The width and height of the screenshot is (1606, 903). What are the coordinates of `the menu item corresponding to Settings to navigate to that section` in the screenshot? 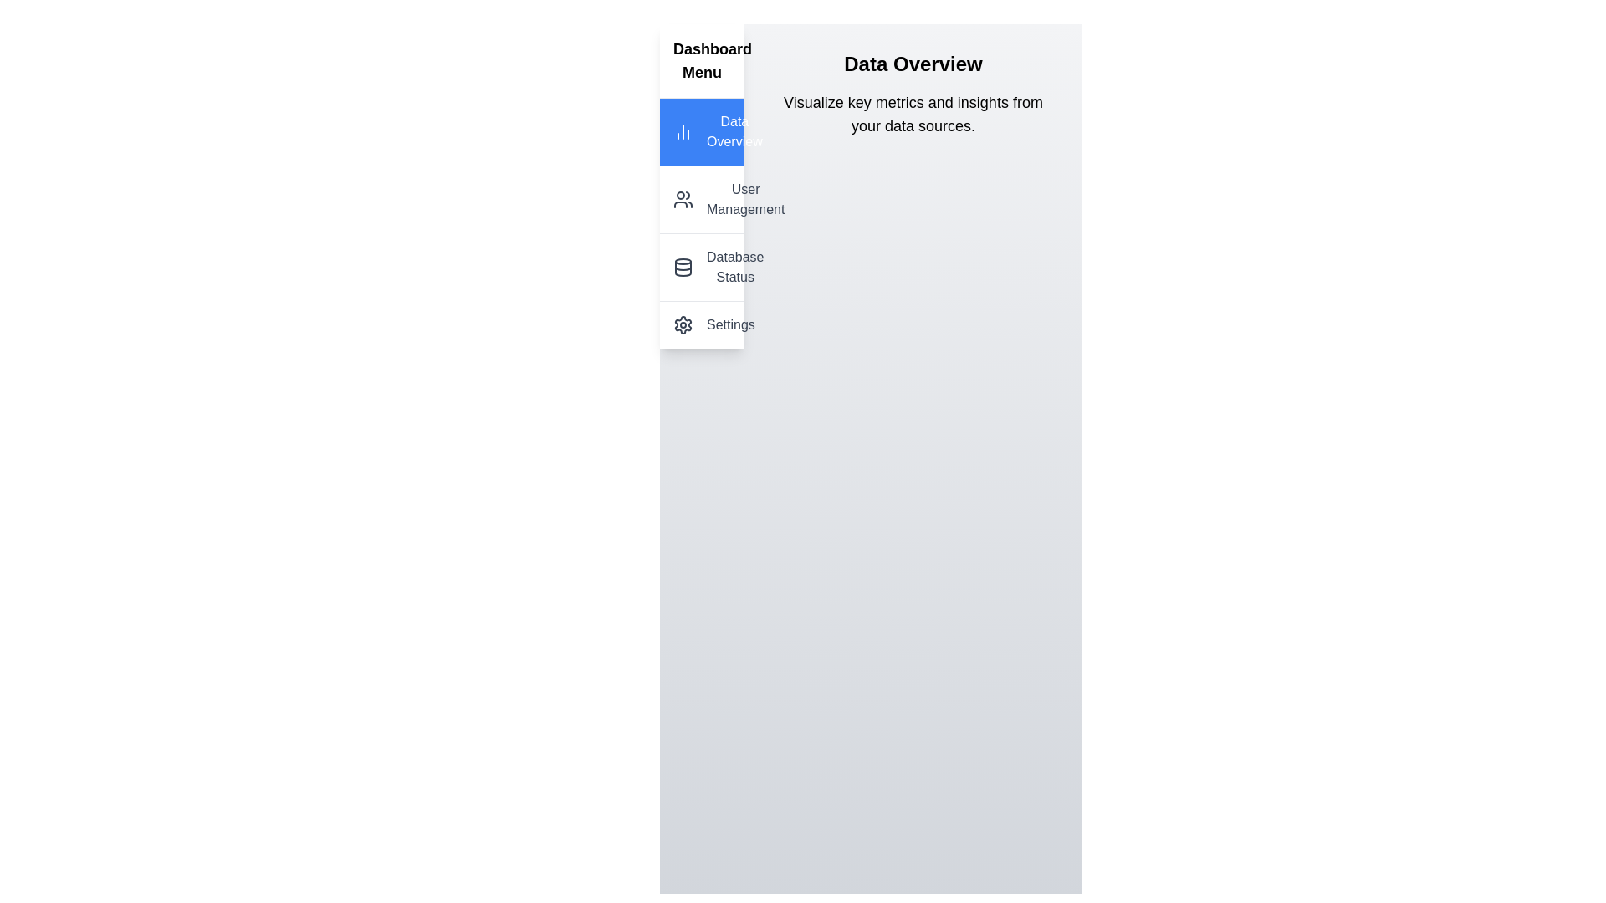 It's located at (702, 325).